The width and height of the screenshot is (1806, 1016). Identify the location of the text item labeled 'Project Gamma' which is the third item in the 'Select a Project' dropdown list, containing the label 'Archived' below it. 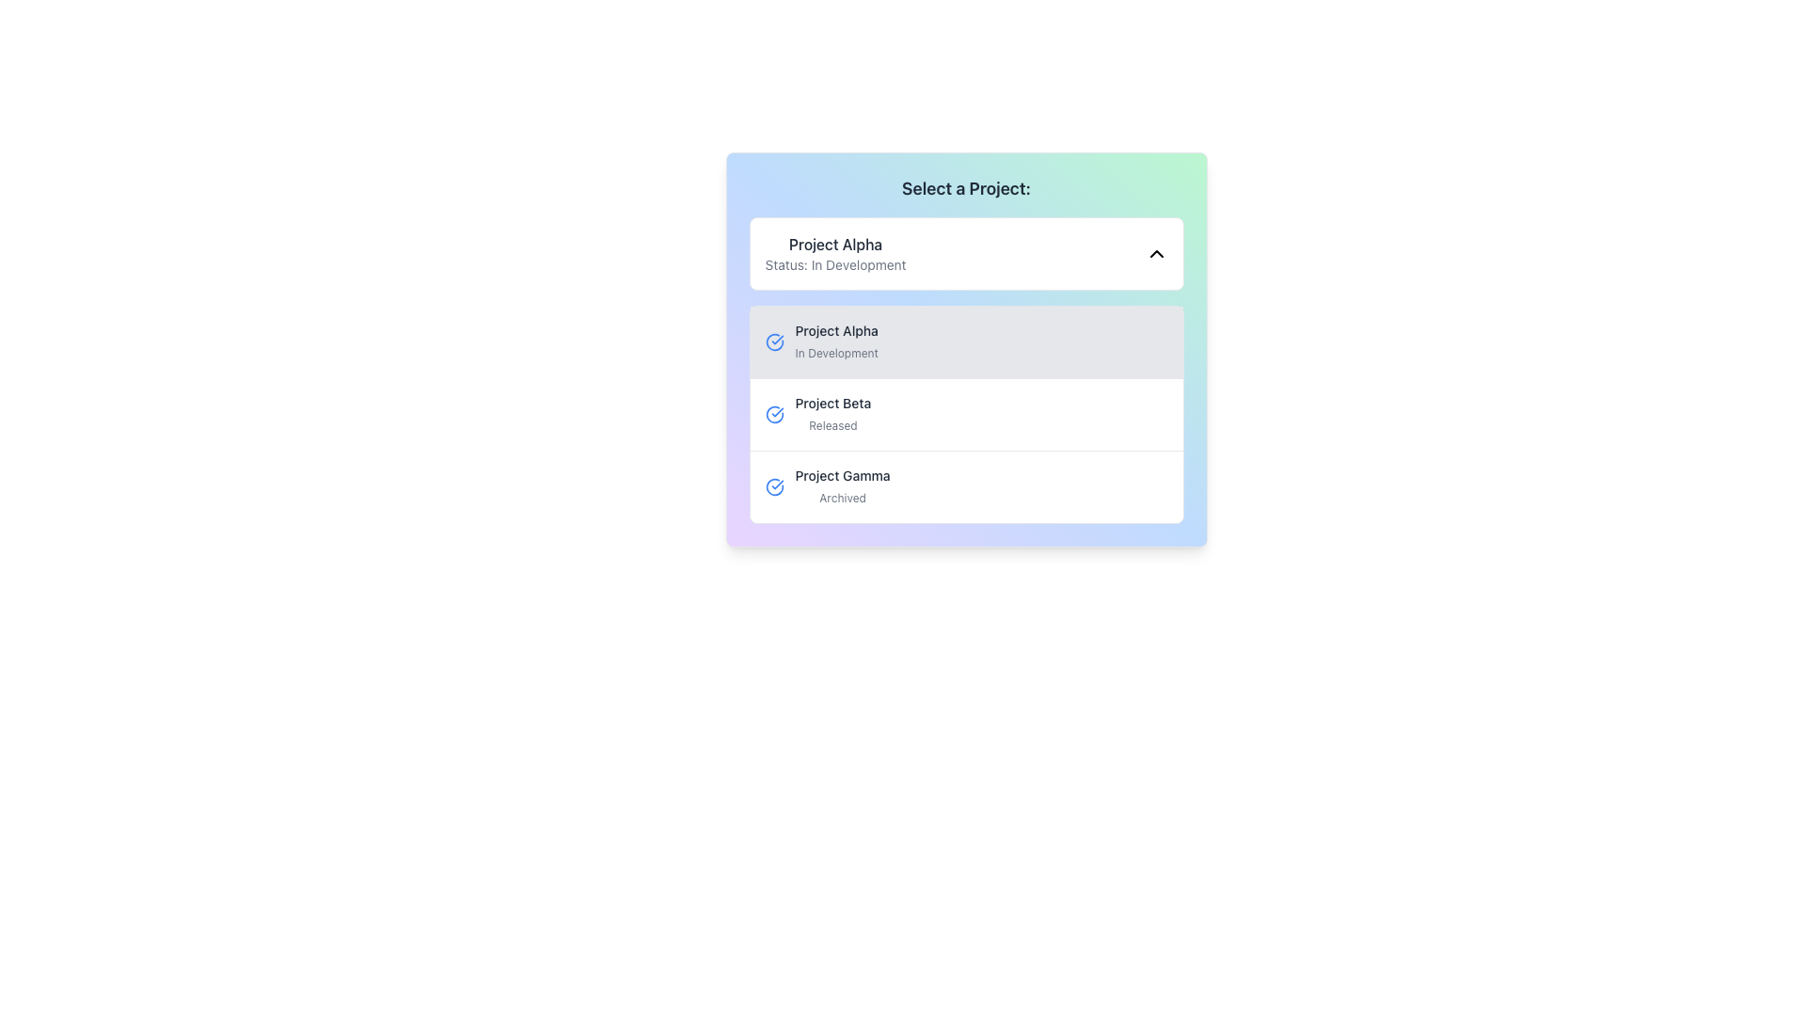
(842, 485).